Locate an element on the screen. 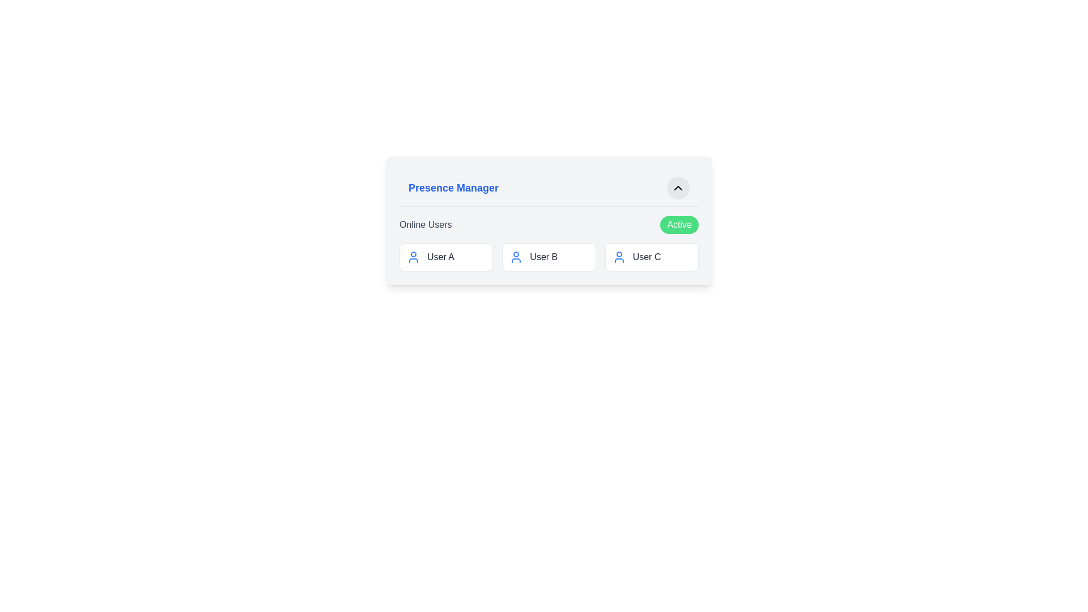  the circular button with a light gray background and an upward-pointing chevron icon located in the top-right corner of the 'Presence Manager' header is located at coordinates (678, 187).